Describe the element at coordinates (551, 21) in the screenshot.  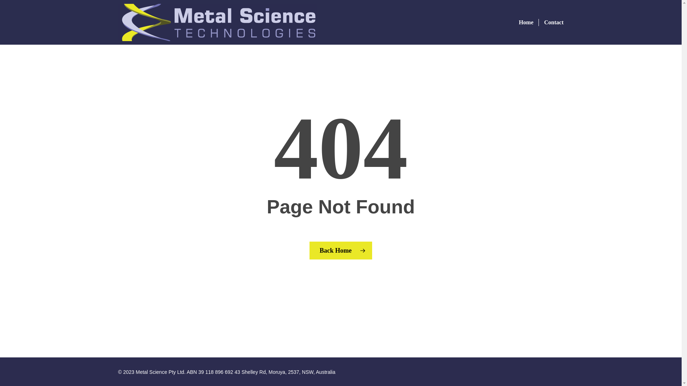
I see `'Contact'` at that location.